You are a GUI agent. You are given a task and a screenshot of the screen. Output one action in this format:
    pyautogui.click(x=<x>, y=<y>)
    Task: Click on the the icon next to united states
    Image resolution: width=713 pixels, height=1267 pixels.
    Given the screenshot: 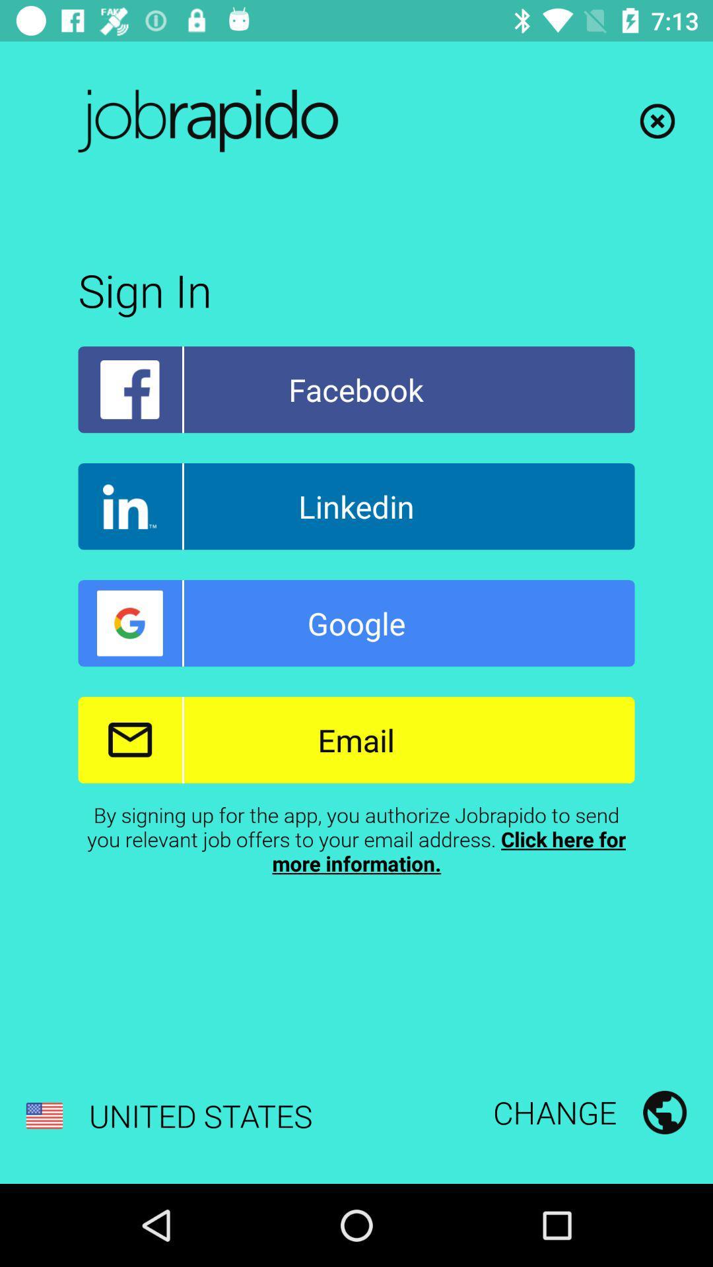 What is the action you would take?
    pyautogui.click(x=589, y=1111)
    